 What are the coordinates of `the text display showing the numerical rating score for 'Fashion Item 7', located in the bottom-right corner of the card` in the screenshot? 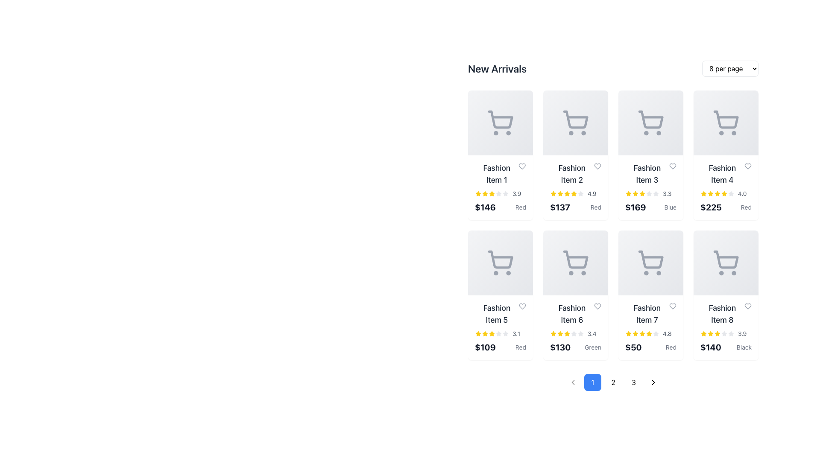 It's located at (667, 333).